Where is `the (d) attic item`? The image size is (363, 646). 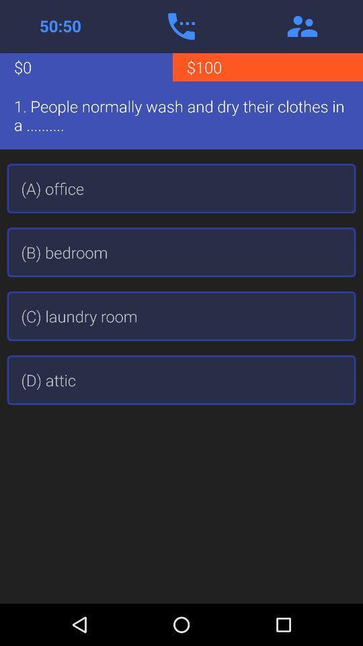 the (d) attic item is located at coordinates (182, 380).